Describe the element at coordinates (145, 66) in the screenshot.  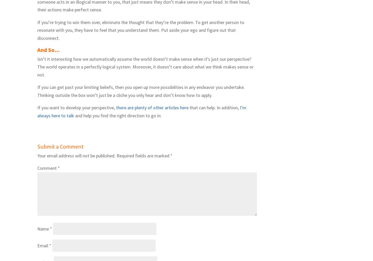
I see `'Isn’t it interesting how we automatically assume the world doesn’t make sense when it’s just our perspective? The world operates in a perfectly logical system. Moreover, it doesn’t care about what we think makes sense or not.'` at that location.